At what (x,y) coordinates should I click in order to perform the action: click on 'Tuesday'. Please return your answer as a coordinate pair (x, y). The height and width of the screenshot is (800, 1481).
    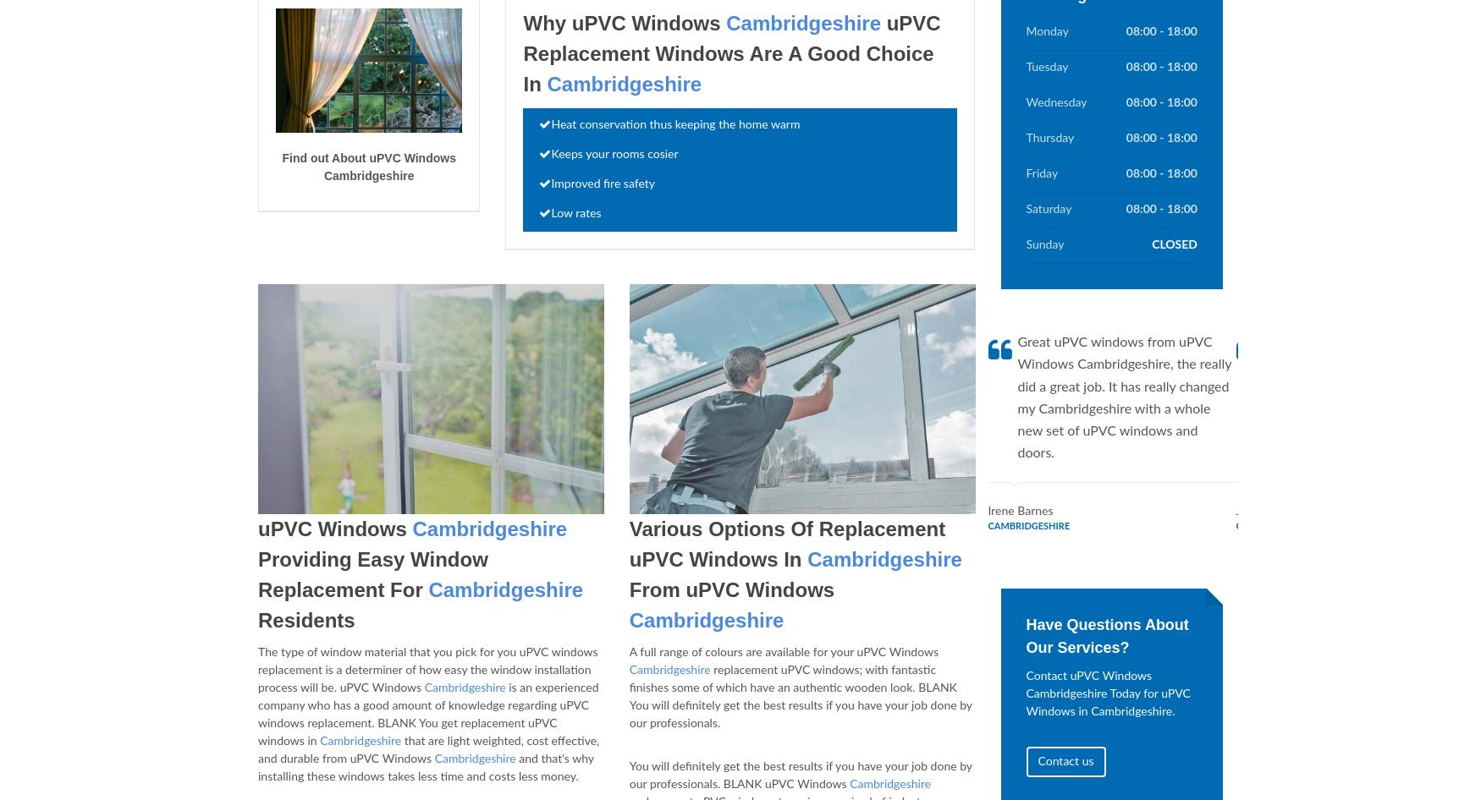
    Looking at the image, I should click on (1026, 67).